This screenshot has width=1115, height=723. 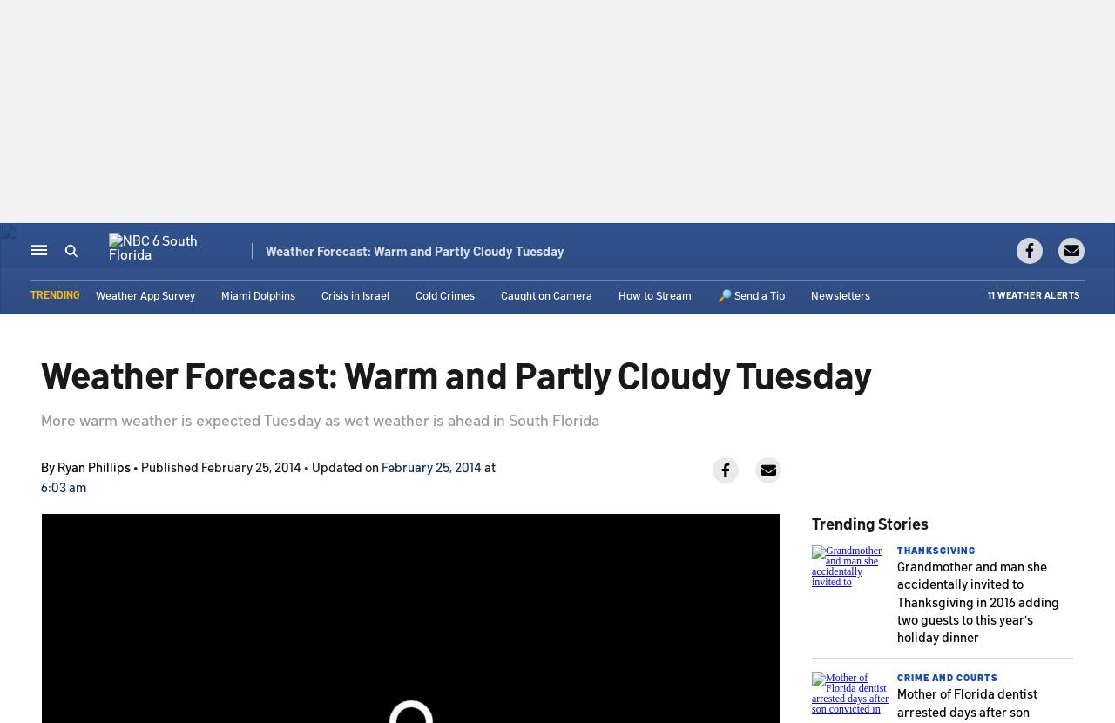 I want to click on 'Crisis in Israel', so click(x=354, y=296).